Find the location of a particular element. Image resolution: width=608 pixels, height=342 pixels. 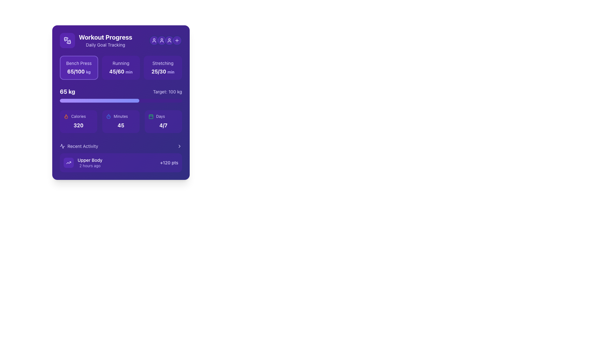

the text label 'kg' which is styled in light violet color and located to the right of '65/100' on the purple card labeled 'Workout Progress' is located at coordinates (88, 72).